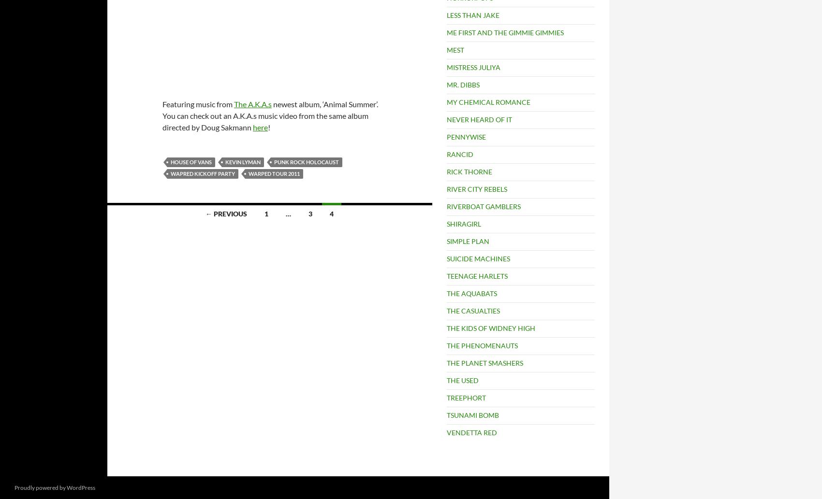 The width and height of the screenshot is (822, 499). I want to click on 'VENDETTA RED', so click(471, 432).